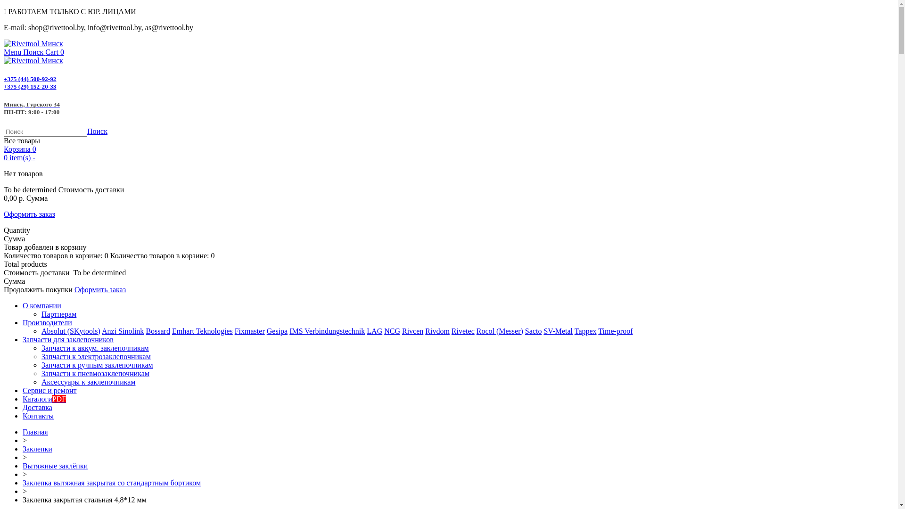 This screenshot has width=905, height=509. I want to click on 'Tappex', so click(585, 330).